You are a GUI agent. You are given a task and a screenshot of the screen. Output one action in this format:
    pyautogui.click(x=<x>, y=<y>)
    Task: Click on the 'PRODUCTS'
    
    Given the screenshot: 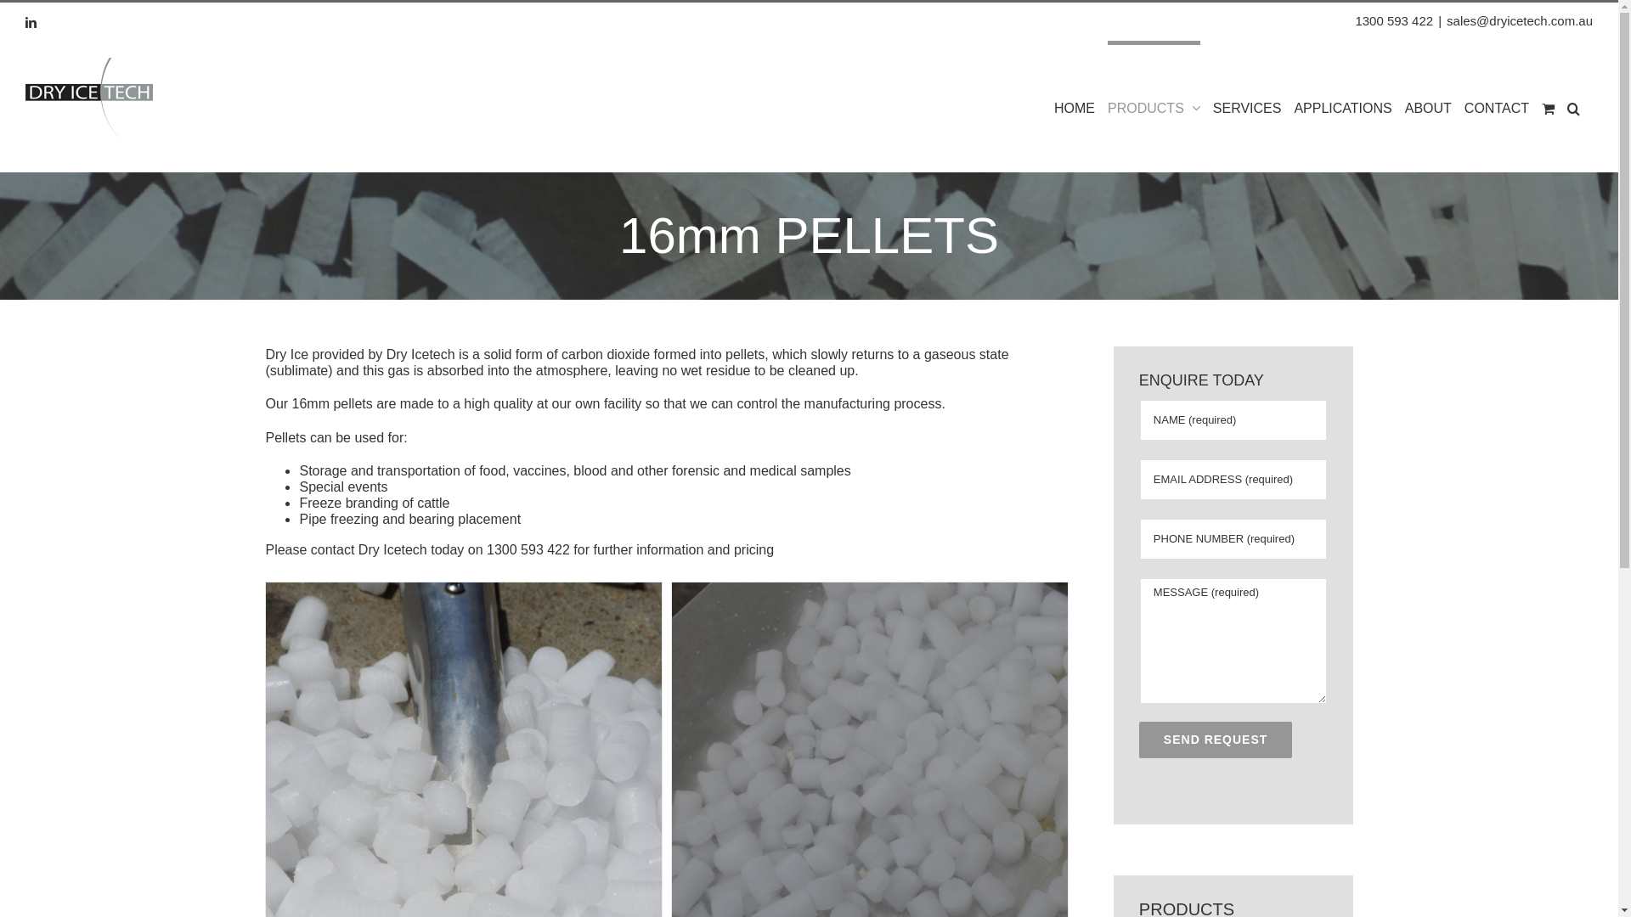 What is the action you would take?
    pyautogui.click(x=1154, y=105)
    